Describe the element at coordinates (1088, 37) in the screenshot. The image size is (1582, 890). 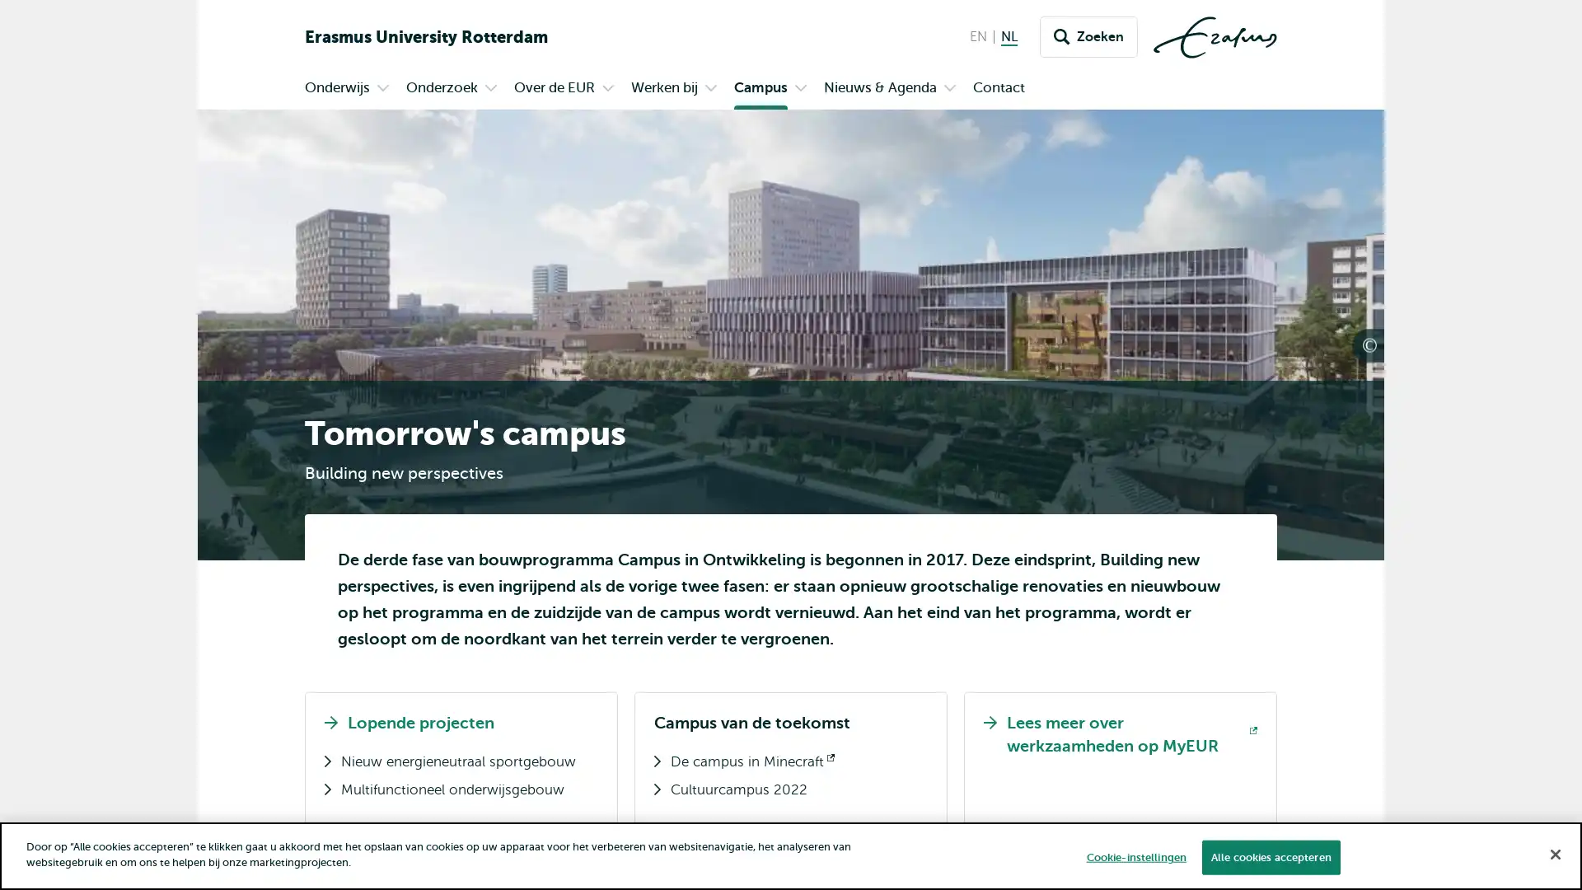
I see `Zoeken` at that location.